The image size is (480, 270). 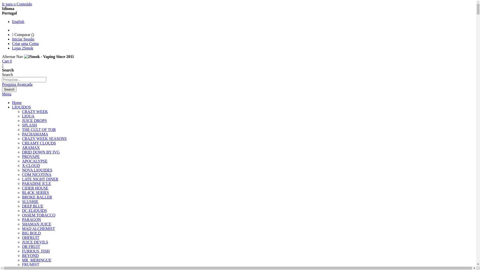 What do you see at coordinates (41, 152) in the screenshot?
I see `'DRID DOWN BY IVG'` at bounding box center [41, 152].